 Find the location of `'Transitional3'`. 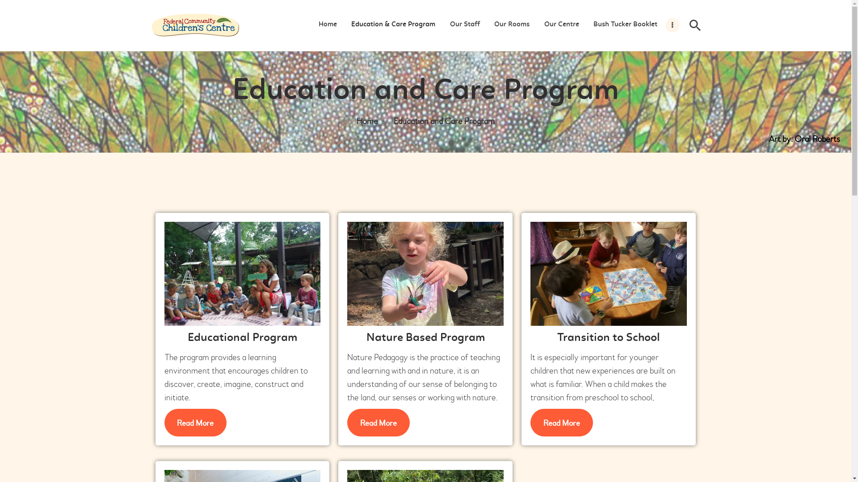

'Transitional3' is located at coordinates (608, 273).